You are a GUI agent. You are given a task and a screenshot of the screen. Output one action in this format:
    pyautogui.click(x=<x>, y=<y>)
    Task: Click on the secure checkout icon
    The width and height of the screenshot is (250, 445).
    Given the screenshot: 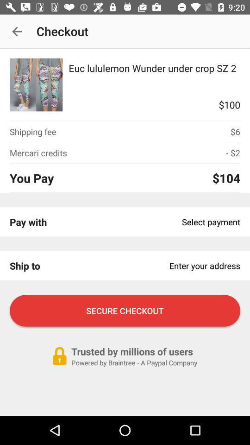 What is the action you would take?
    pyautogui.click(x=125, y=311)
    